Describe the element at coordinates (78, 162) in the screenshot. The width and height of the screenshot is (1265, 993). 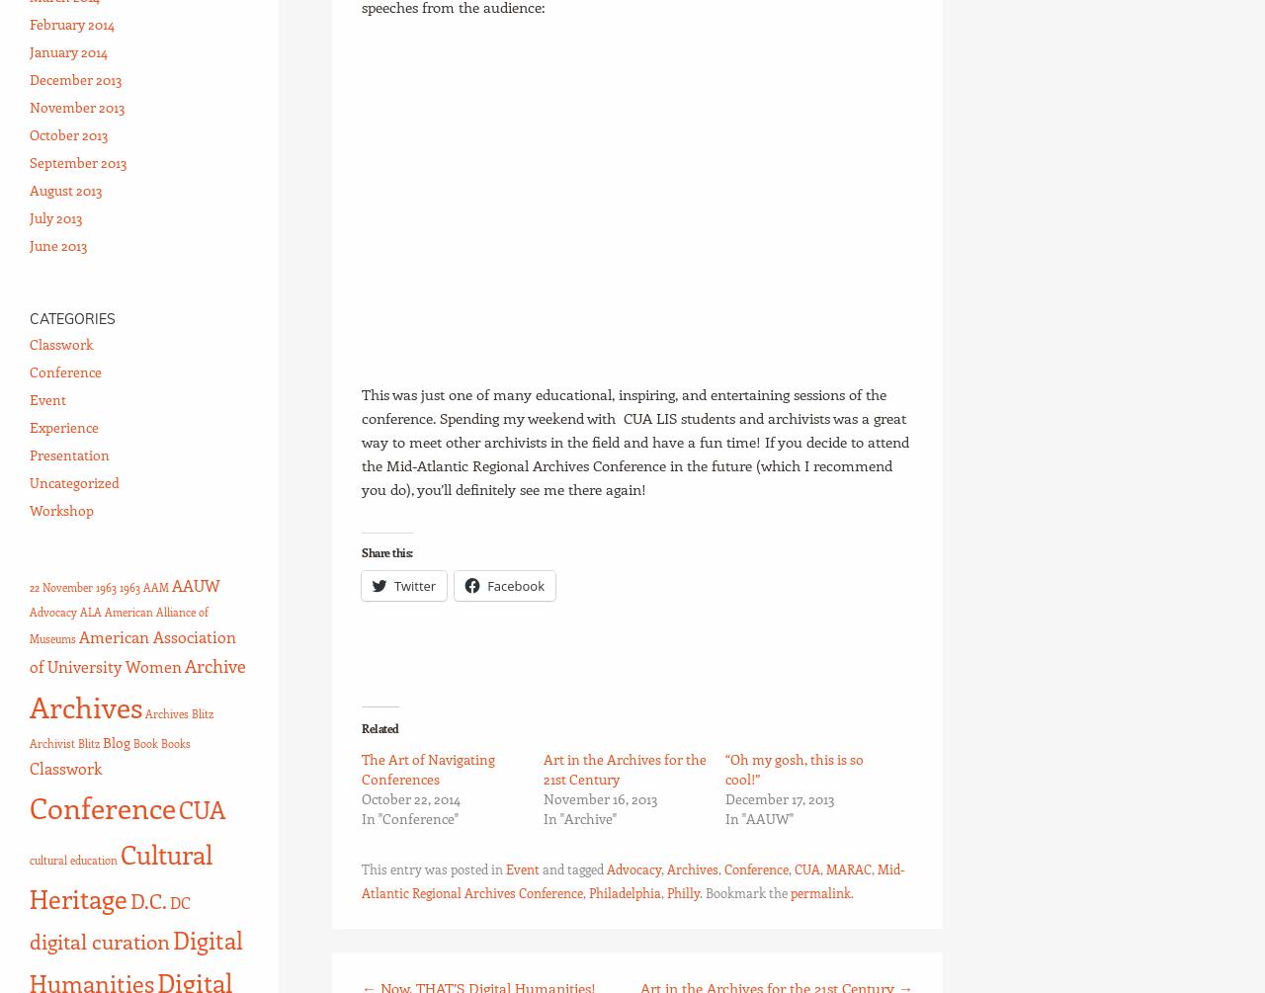
I see `'September 2013'` at that location.